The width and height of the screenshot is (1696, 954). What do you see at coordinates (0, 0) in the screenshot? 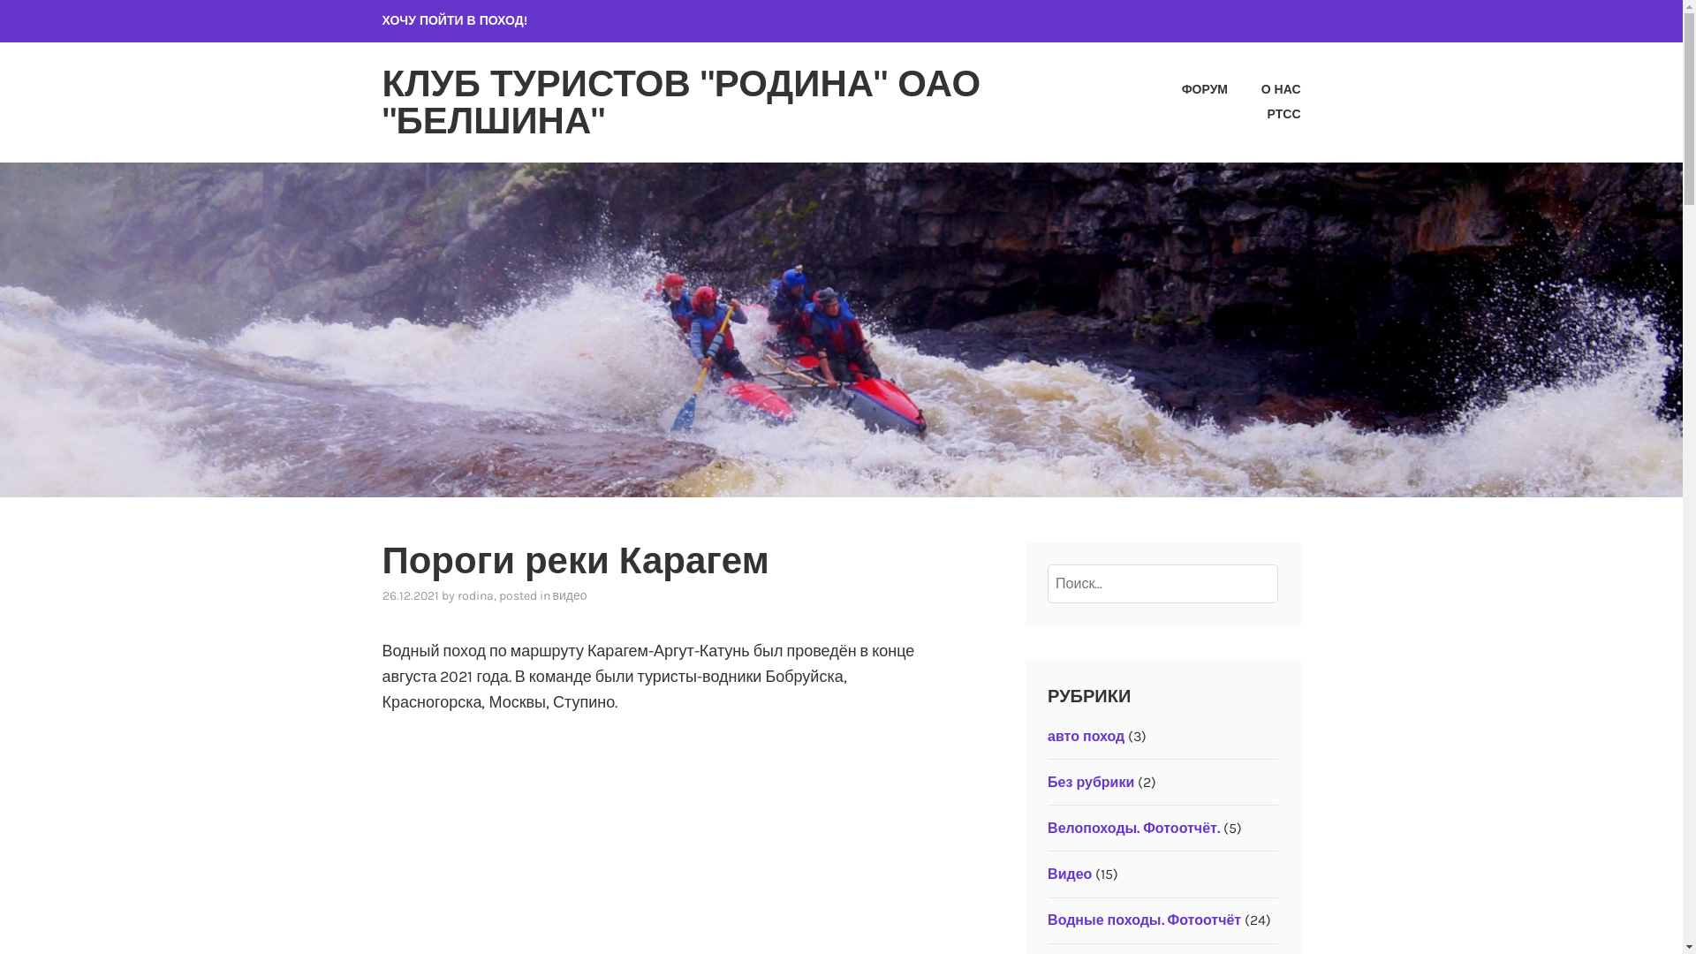
I see `'Skip to content'` at bounding box center [0, 0].